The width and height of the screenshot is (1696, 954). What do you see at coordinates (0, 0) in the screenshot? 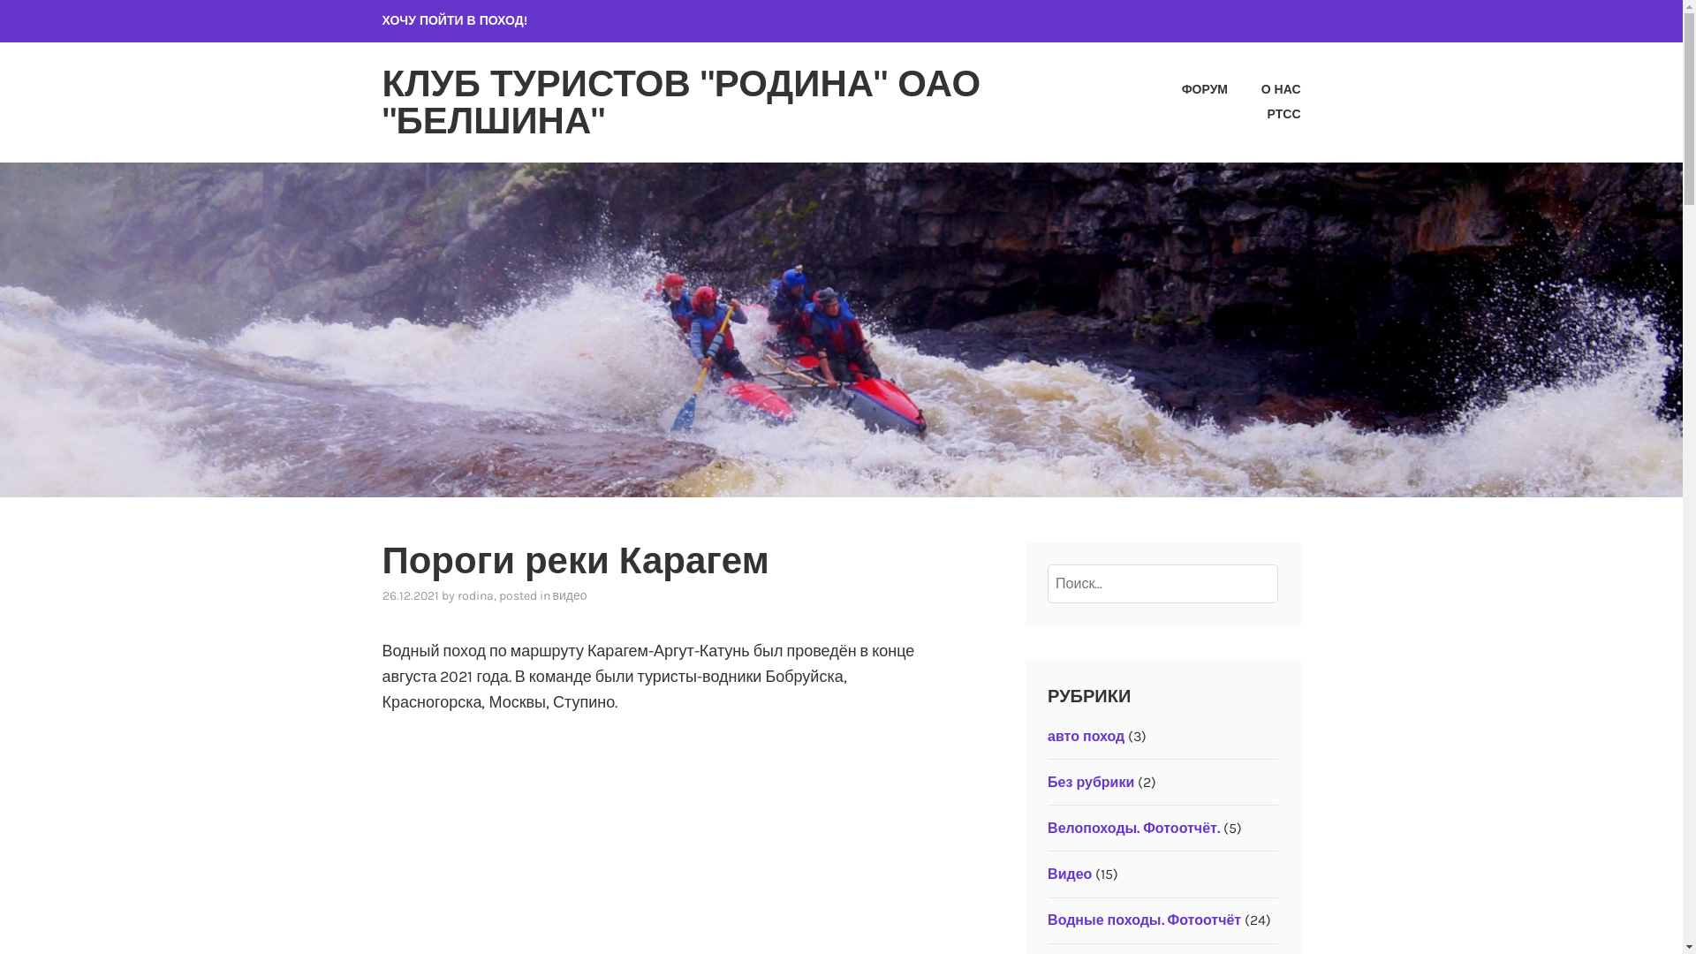
I see `'Skip to content'` at bounding box center [0, 0].